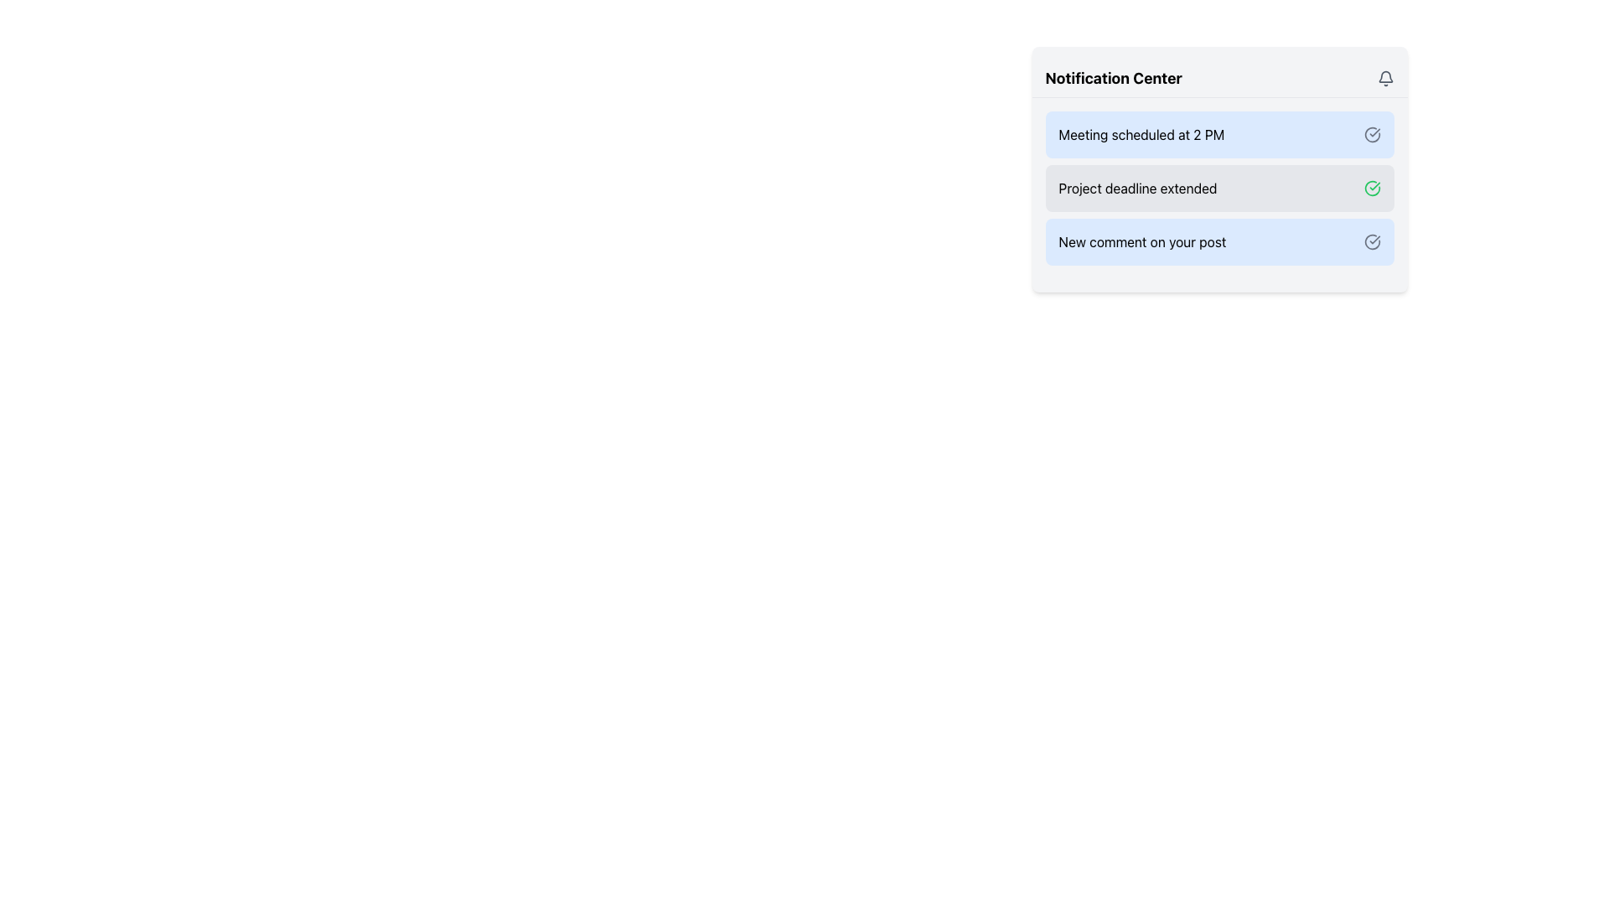  I want to click on the static text label displaying 'Project deadline extended' in a notification interface, so click(1138, 188).